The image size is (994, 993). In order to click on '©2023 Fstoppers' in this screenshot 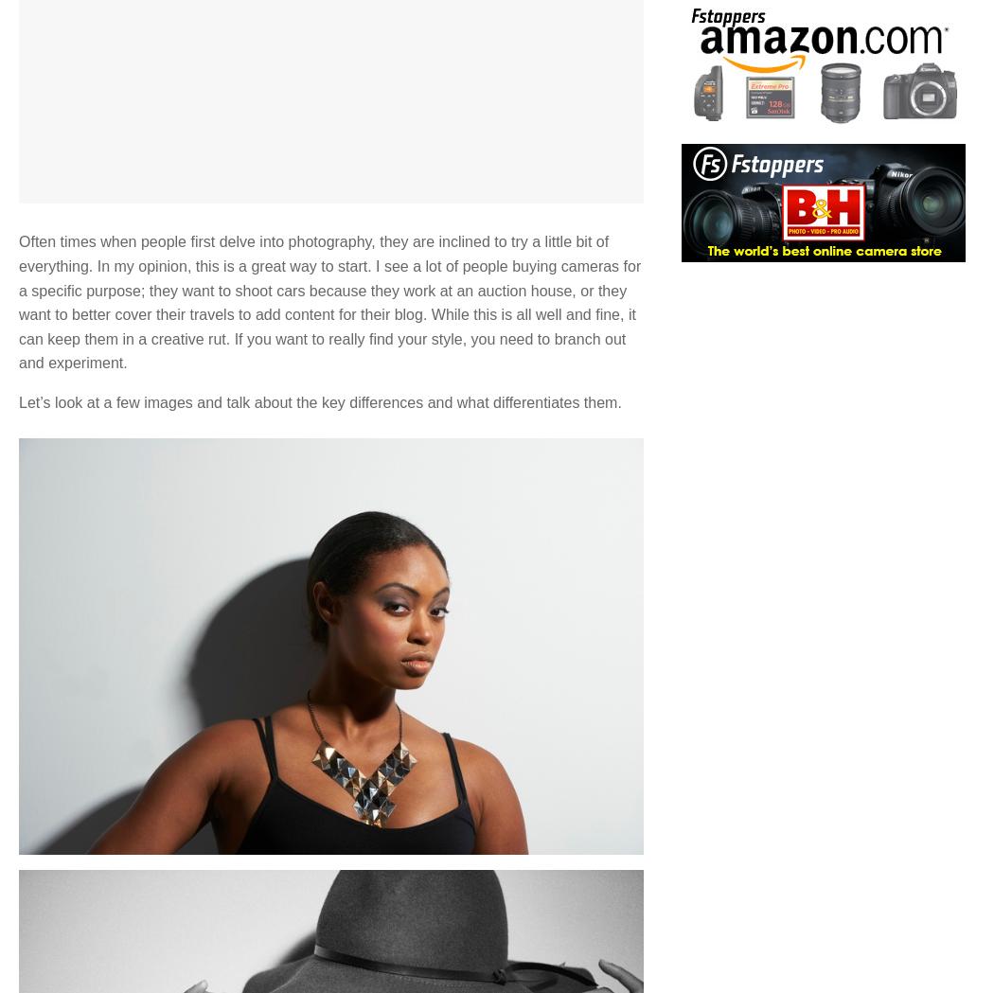, I will do `click(502, 811)`.